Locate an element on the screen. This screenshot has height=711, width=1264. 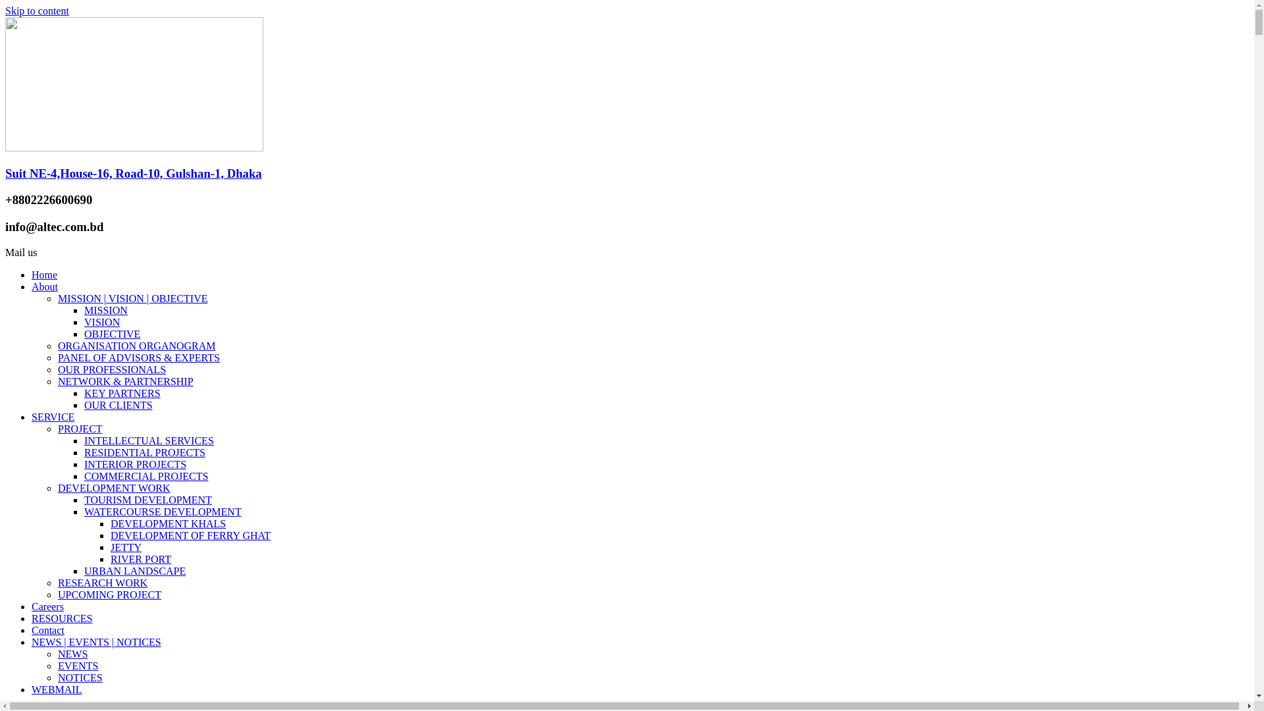
'RIVER PORT' is located at coordinates (141, 559).